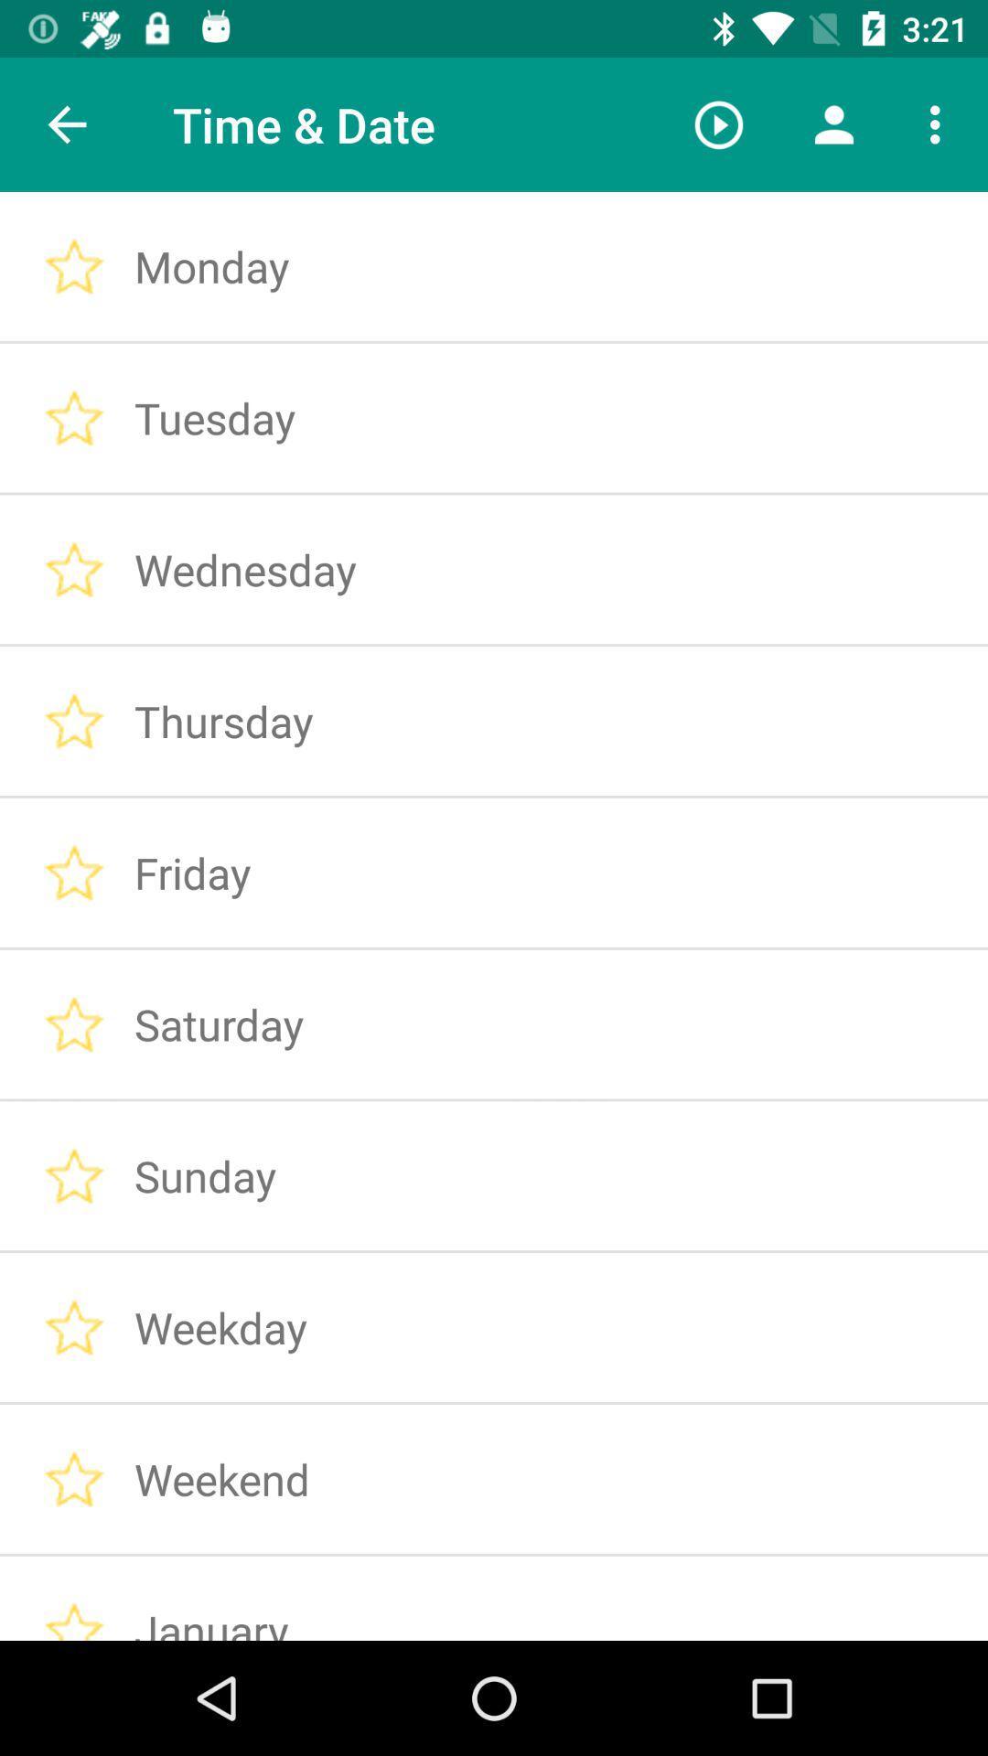 This screenshot has height=1756, width=988. Describe the element at coordinates (718, 123) in the screenshot. I see `the icon next to the time & date item` at that location.